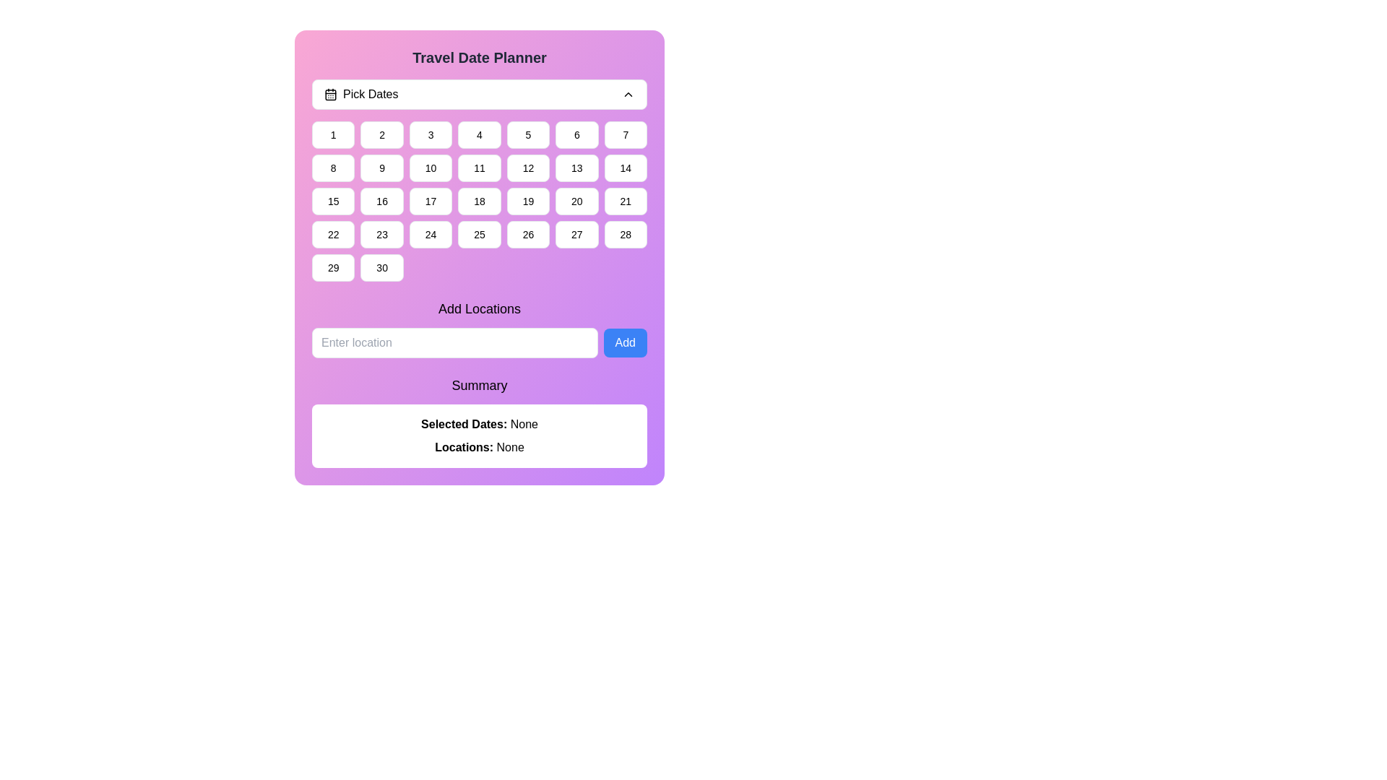  Describe the element at coordinates (626, 167) in the screenshot. I see `the selectable day button representing the 14th day of the month in the calendar interface` at that location.